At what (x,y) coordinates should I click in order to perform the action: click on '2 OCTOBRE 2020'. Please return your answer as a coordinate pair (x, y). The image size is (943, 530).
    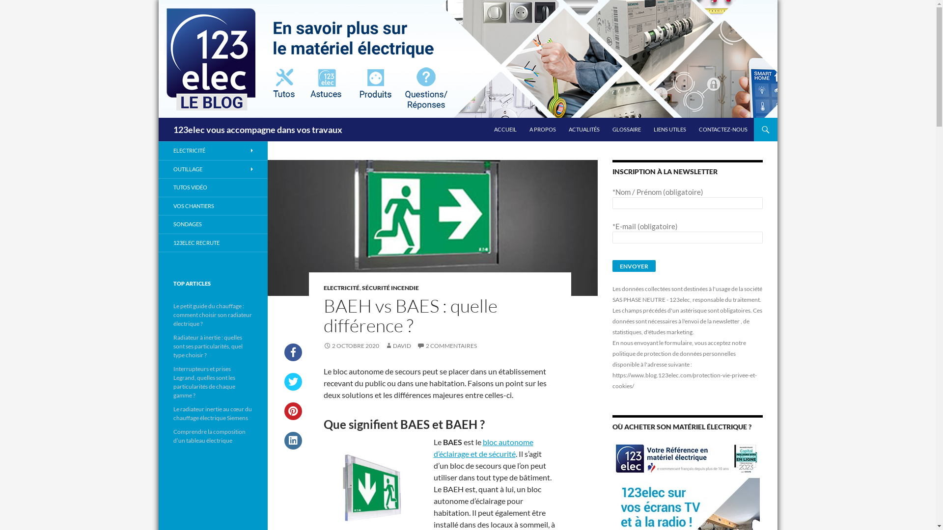
    Looking at the image, I should click on (351, 345).